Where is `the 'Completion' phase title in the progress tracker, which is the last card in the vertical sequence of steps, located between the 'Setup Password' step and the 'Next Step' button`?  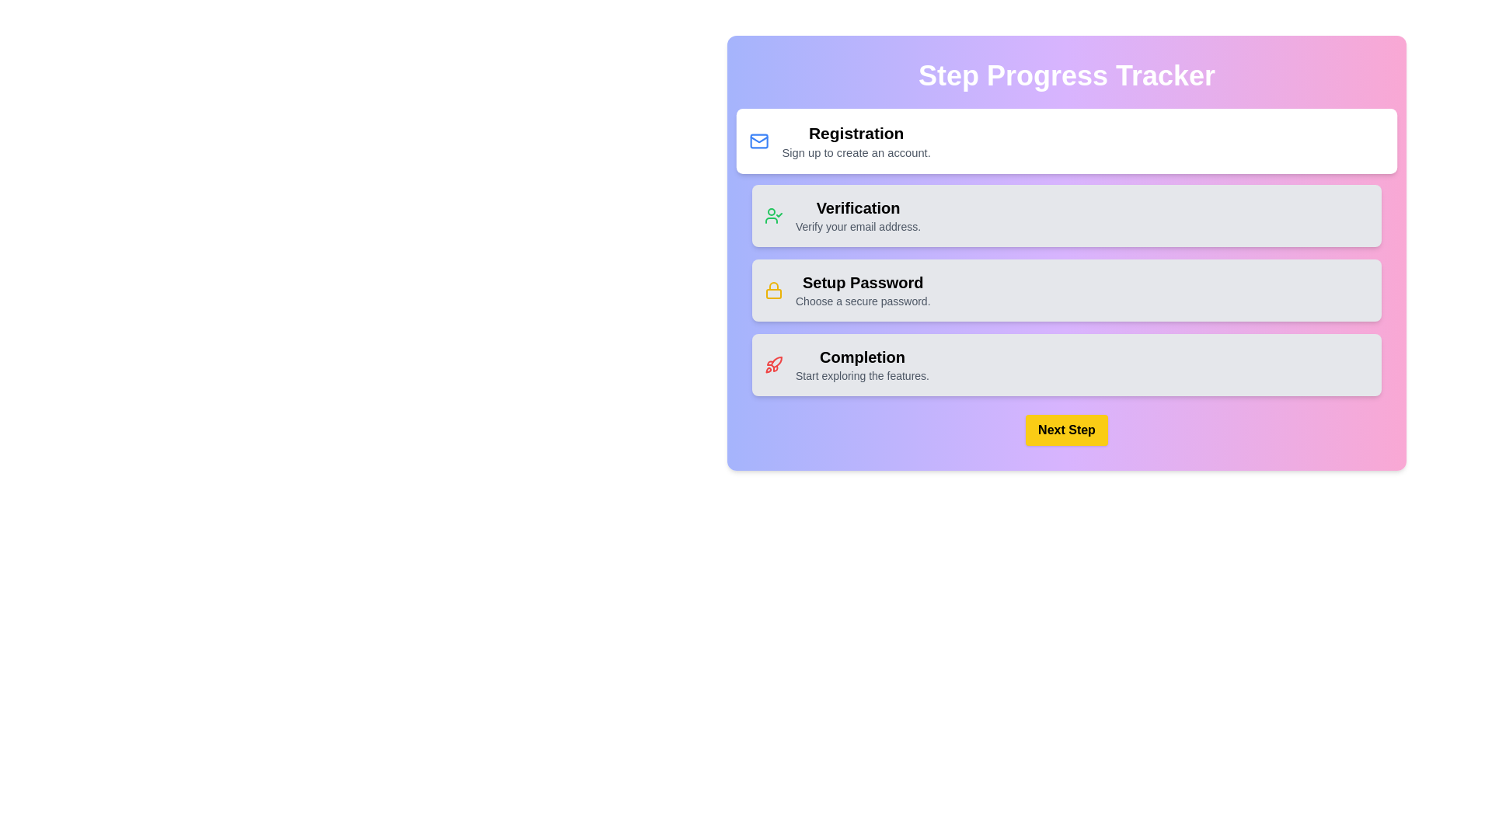
the 'Completion' phase title in the progress tracker, which is the last card in the vertical sequence of steps, located between the 'Setup Password' step and the 'Next Step' button is located at coordinates (861, 357).